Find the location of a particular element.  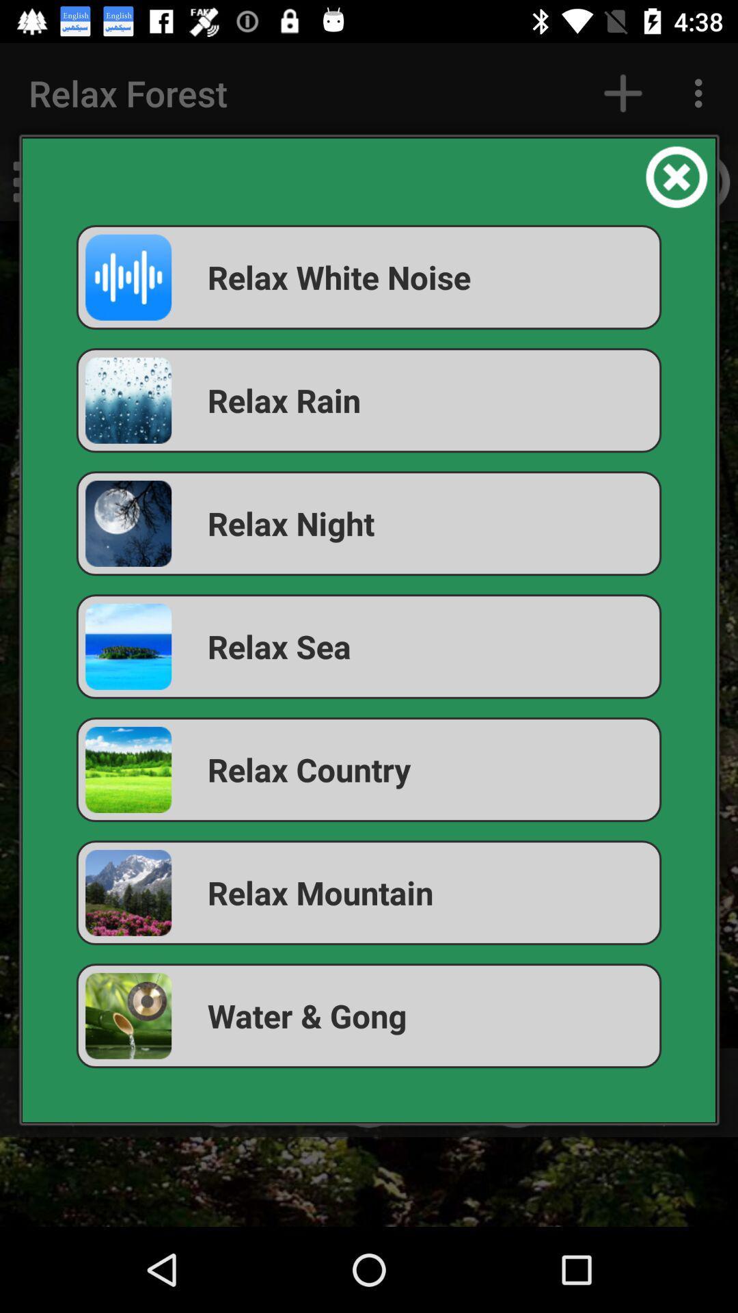

the app below the relax white noise is located at coordinates (369, 399).